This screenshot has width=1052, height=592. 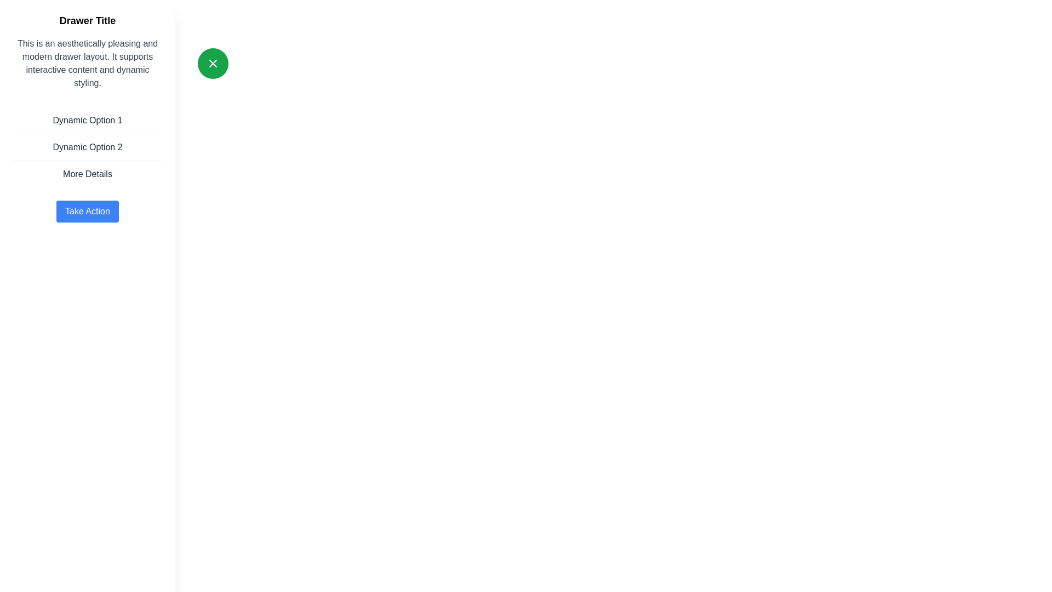 What do you see at coordinates (87, 211) in the screenshot?
I see `the 'Take Action' button` at bounding box center [87, 211].